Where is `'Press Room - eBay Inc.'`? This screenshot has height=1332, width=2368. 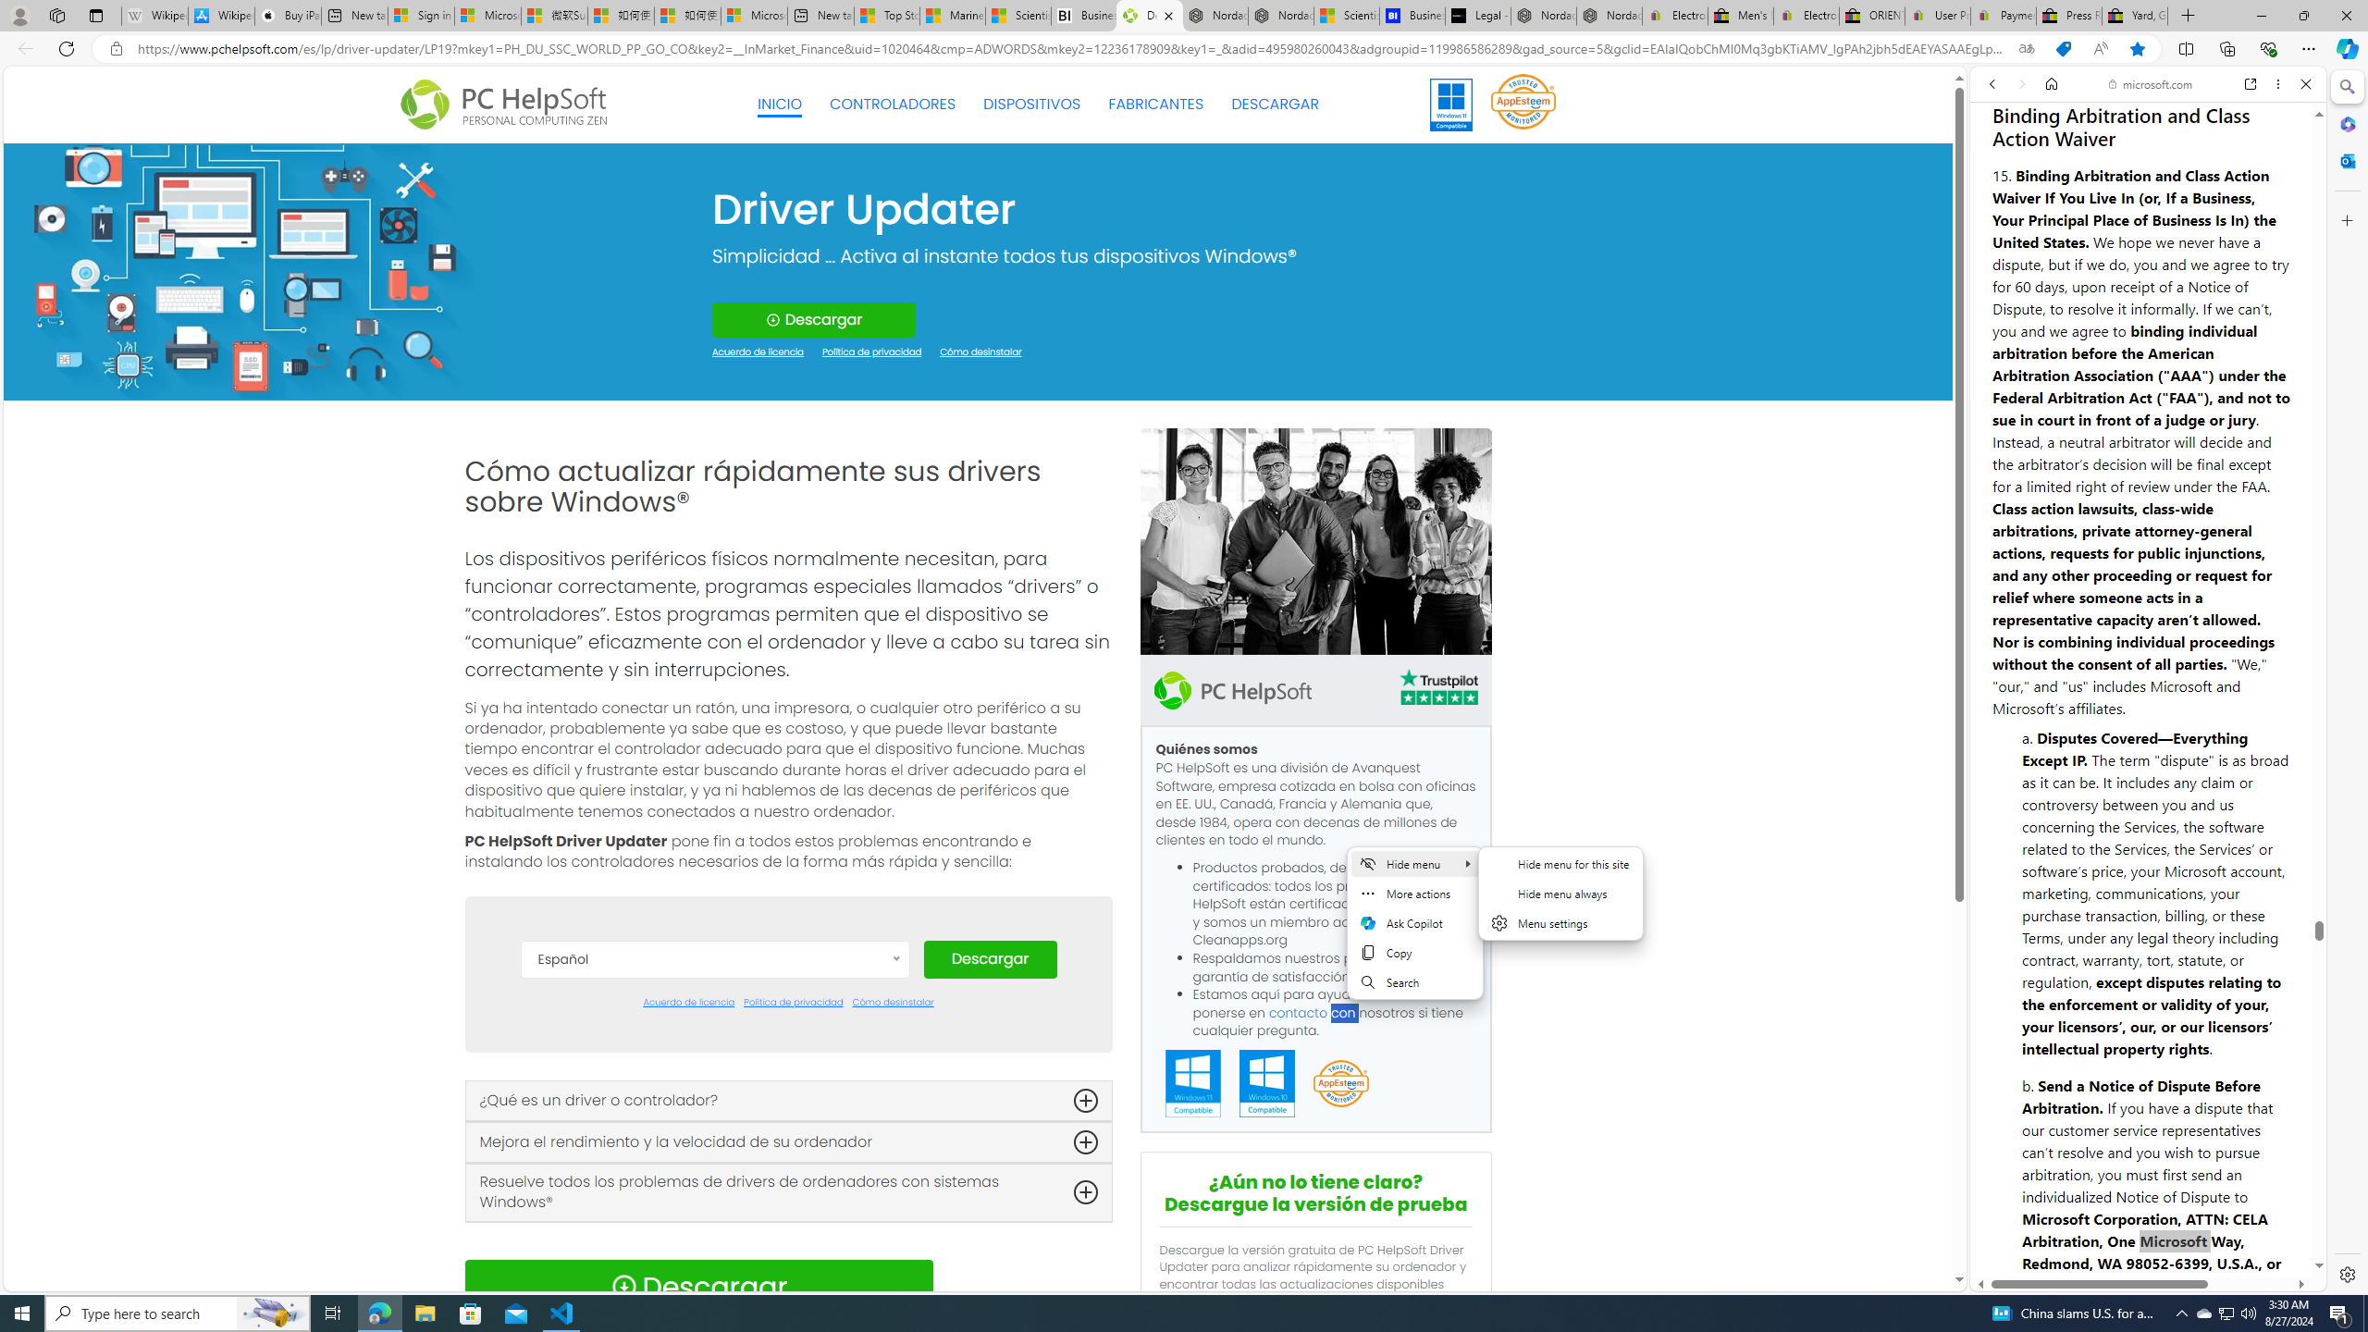 'Press Room - eBay Inc.' is located at coordinates (2069, 15).